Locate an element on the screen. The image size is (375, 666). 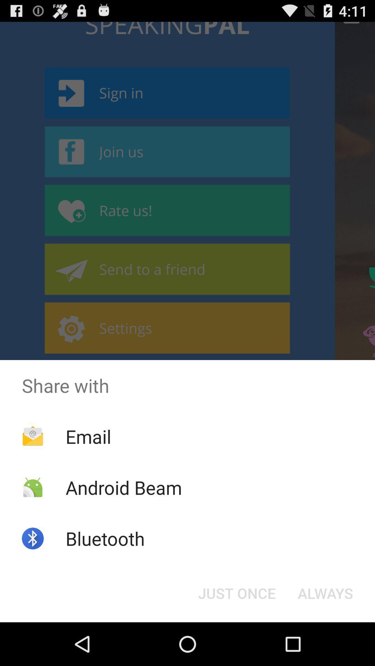
the item at the bottom right corner is located at coordinates (325, 592).